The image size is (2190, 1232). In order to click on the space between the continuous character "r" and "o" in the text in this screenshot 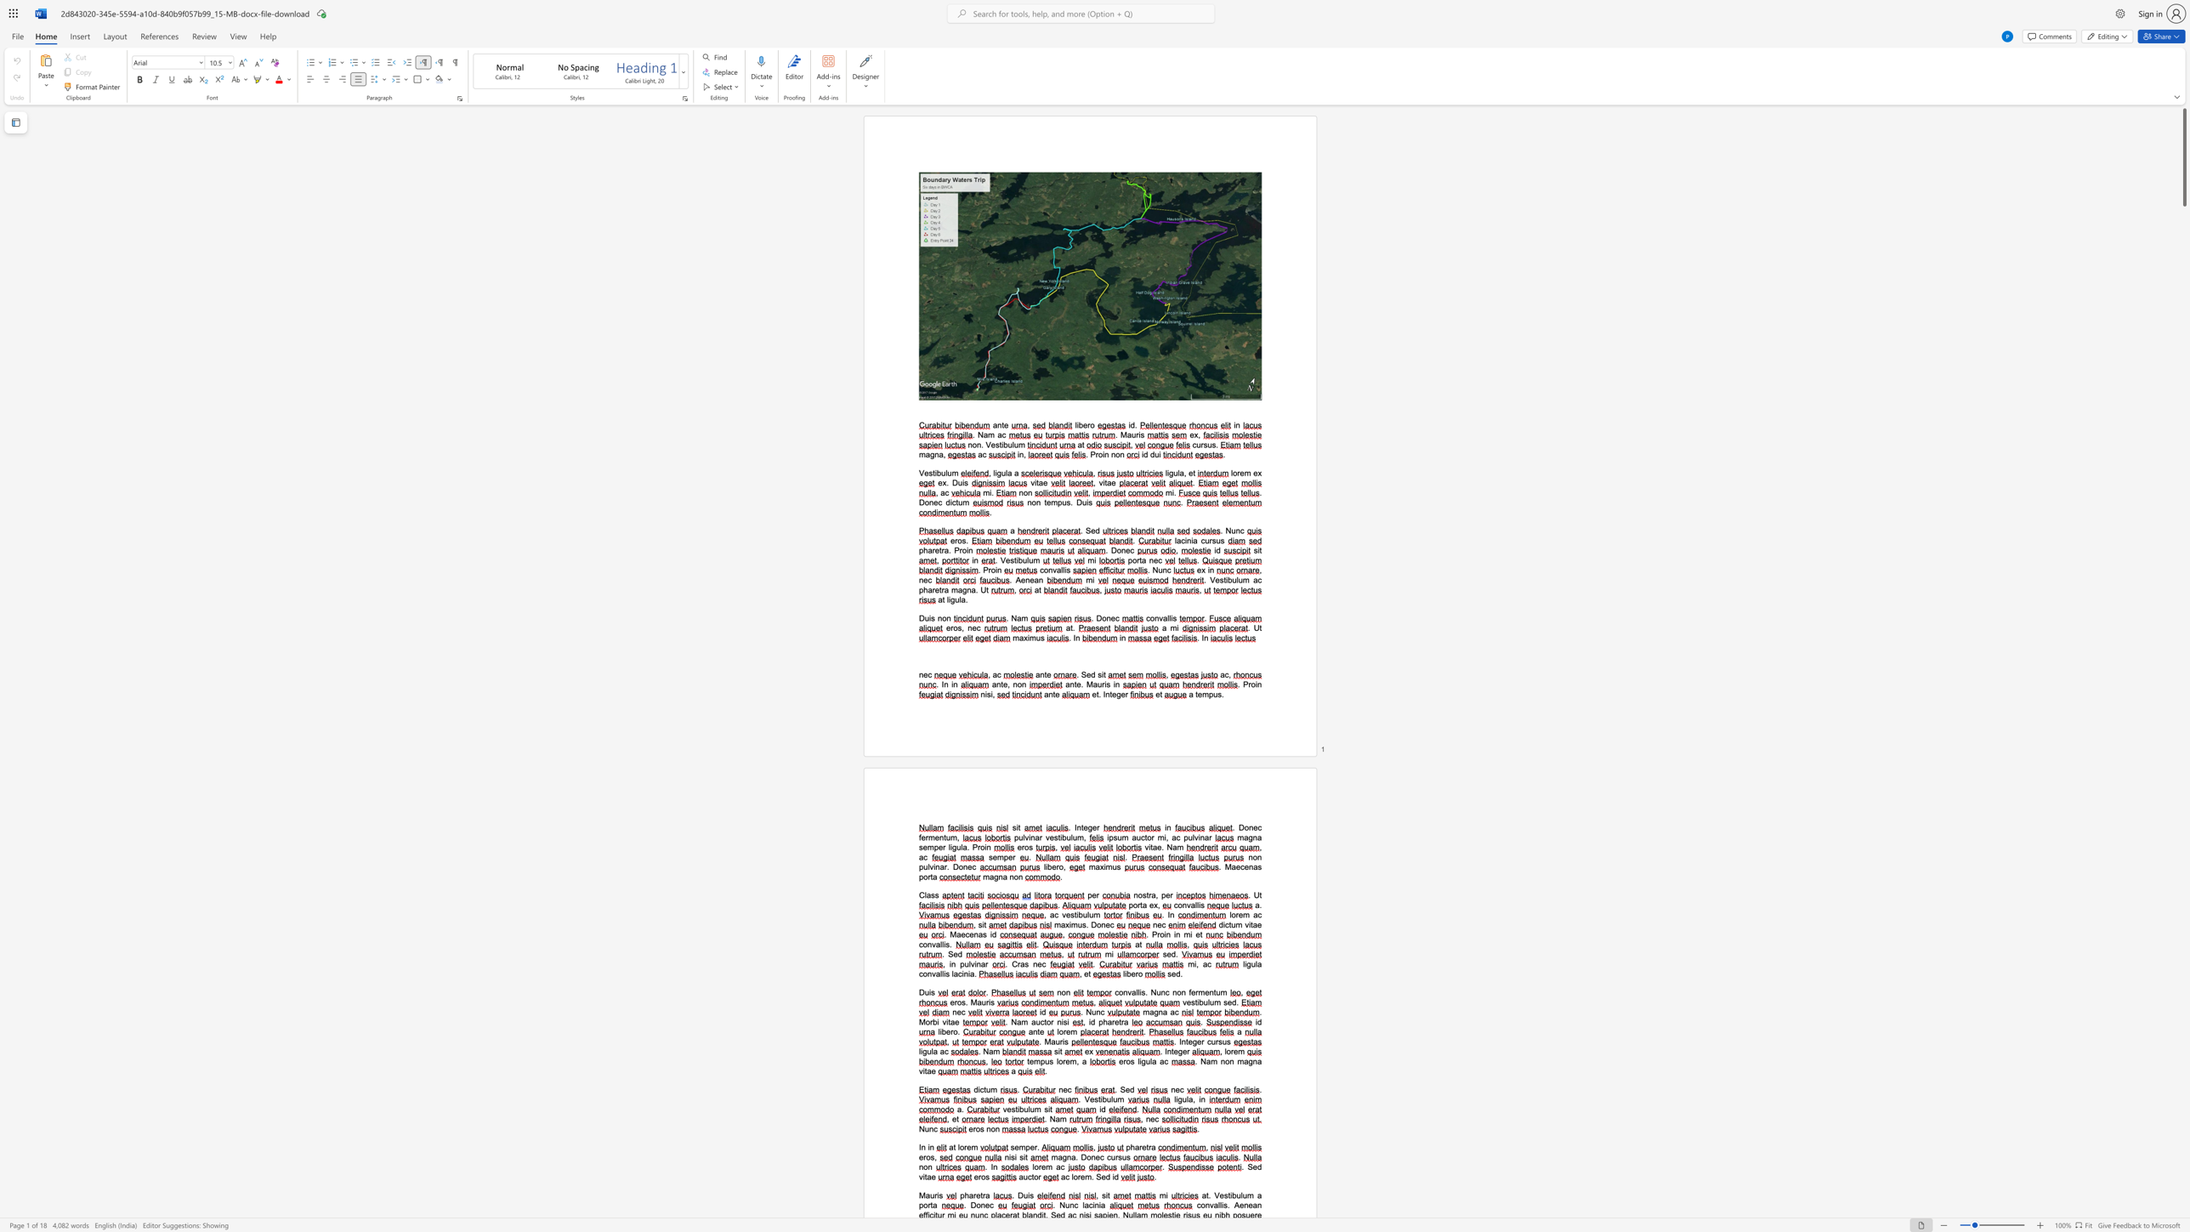, I will do `click(1098, 454)`.